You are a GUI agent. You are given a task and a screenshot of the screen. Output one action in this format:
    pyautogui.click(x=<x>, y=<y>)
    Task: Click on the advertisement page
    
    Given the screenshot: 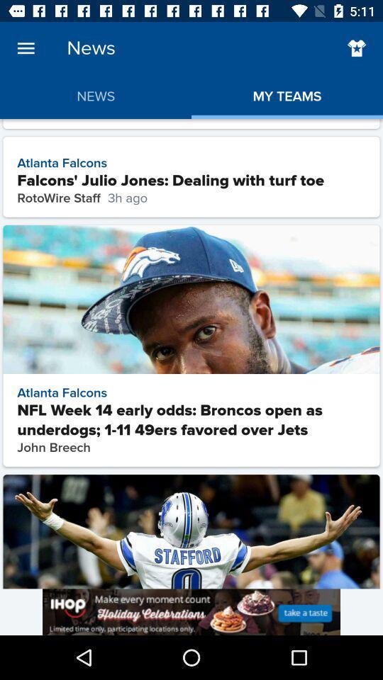 What is the action you would take?
    pyautogui.click(x=191, y=611)
    